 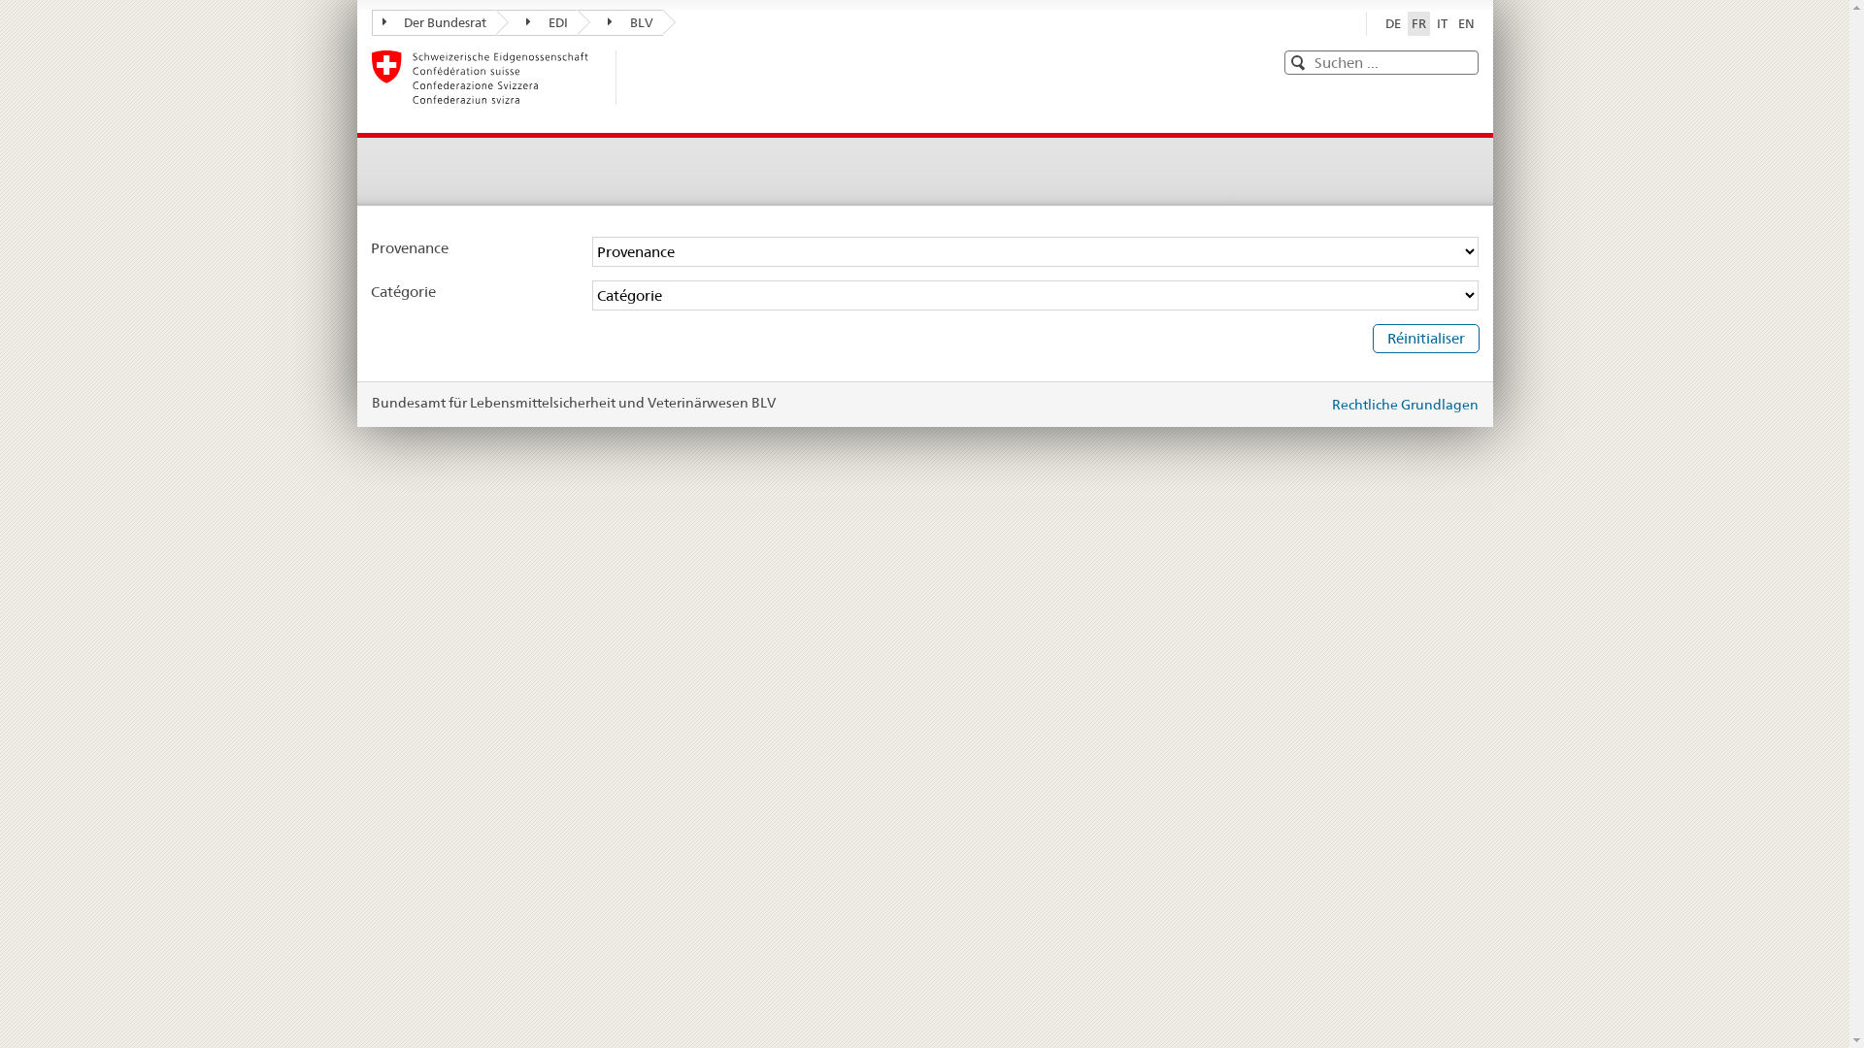 I want to click on 'Rechtliche Grundlagen', so click(x=1405, y=403).